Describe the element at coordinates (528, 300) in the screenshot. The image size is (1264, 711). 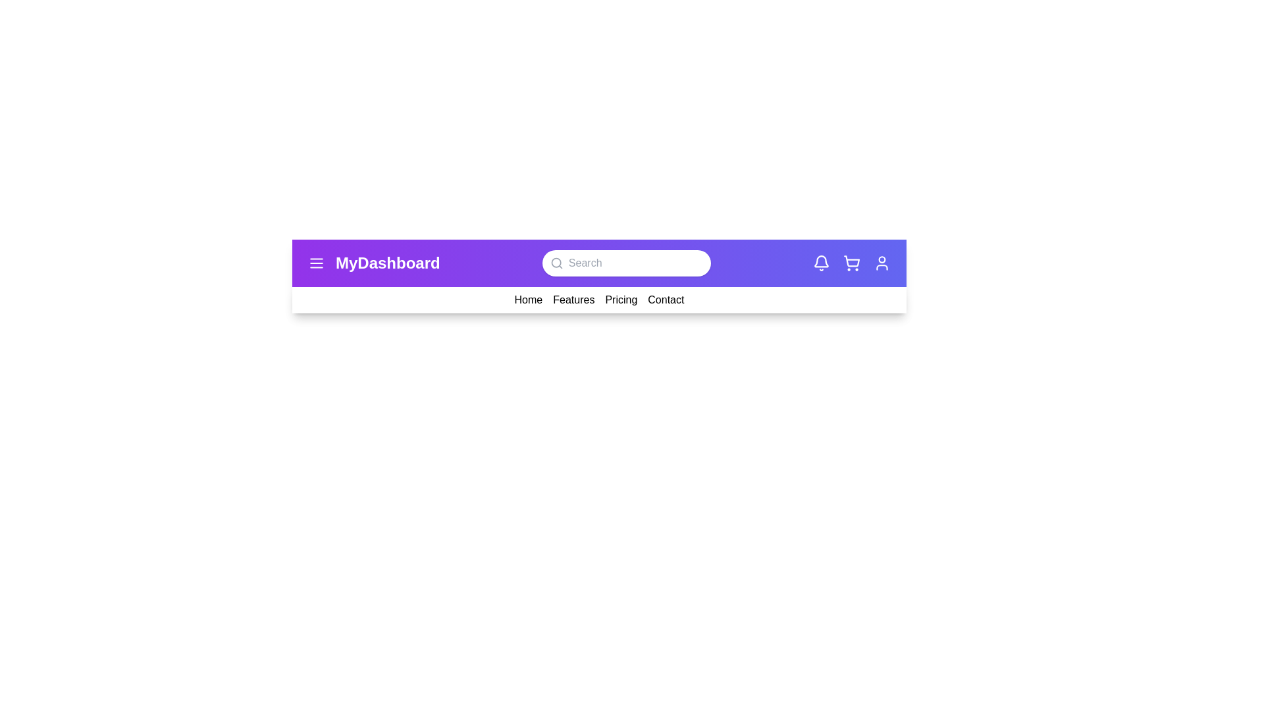
I see `the navigation link Home` at that location.